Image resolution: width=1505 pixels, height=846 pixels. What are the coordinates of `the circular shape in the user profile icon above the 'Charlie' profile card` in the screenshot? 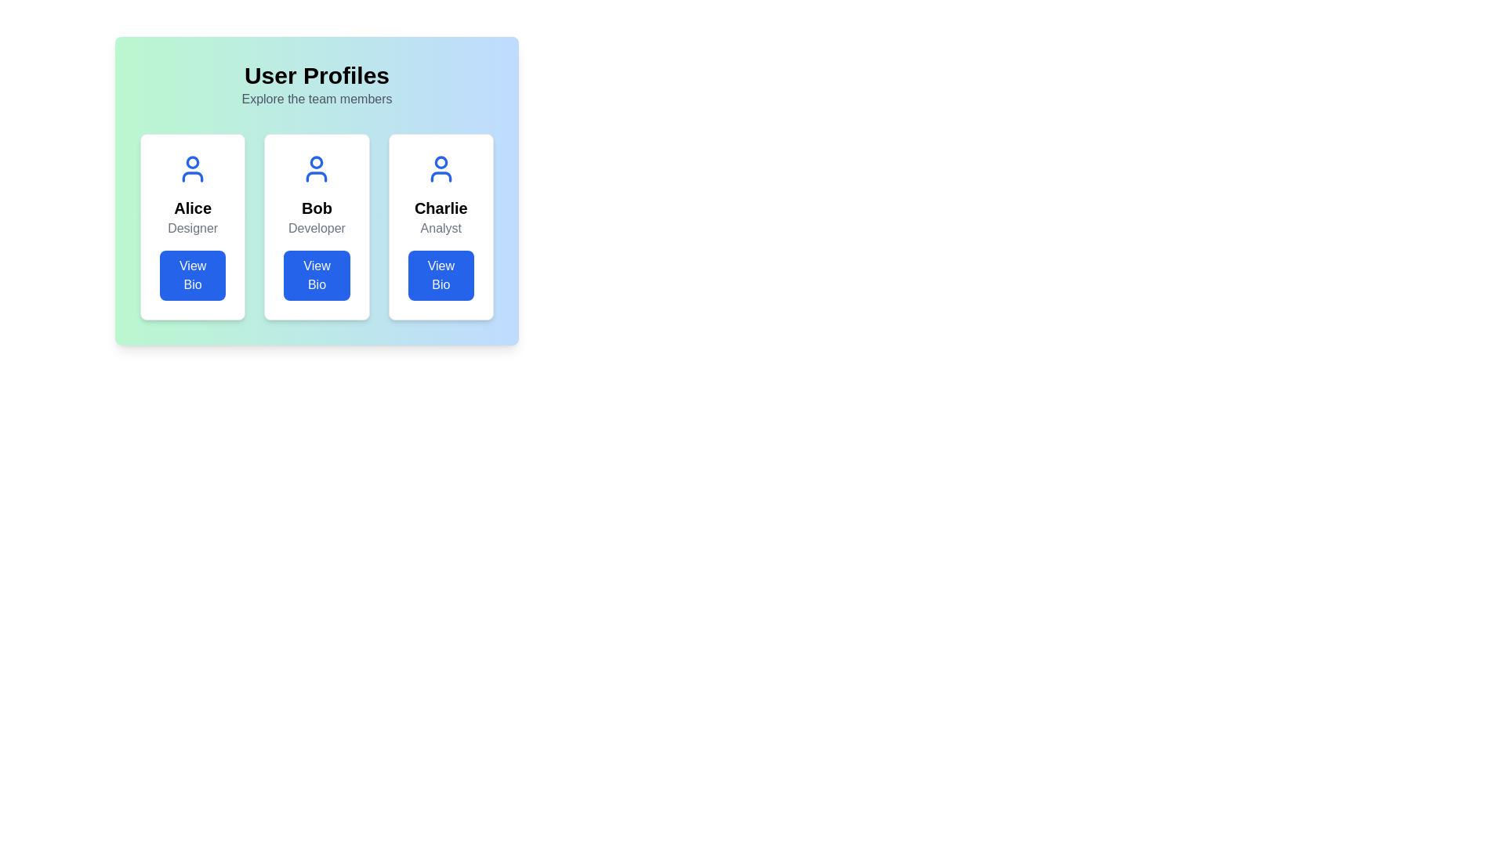 It's located at (440, 162).